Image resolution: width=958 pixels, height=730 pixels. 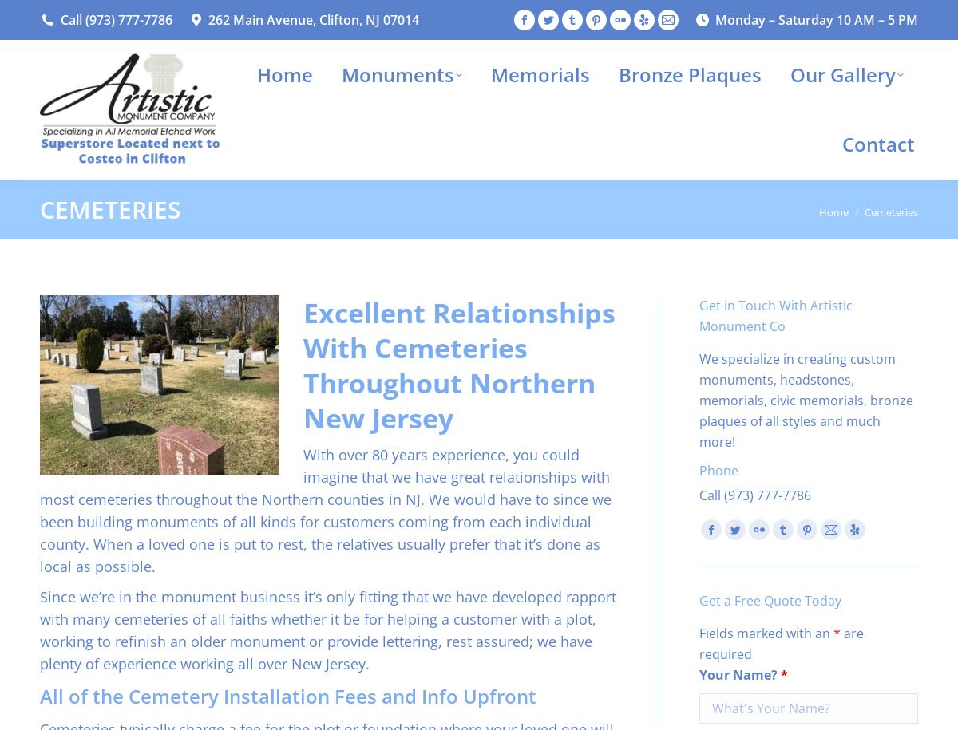 What do you see at coordinates (877, 143) in the screenshot?
I see `'Contact'` at bounding box center [877, 143].